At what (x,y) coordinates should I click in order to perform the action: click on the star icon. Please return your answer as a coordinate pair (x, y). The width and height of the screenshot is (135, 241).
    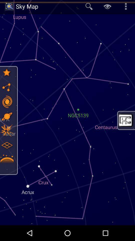
    Looking at the image, I should click on (6, 130).